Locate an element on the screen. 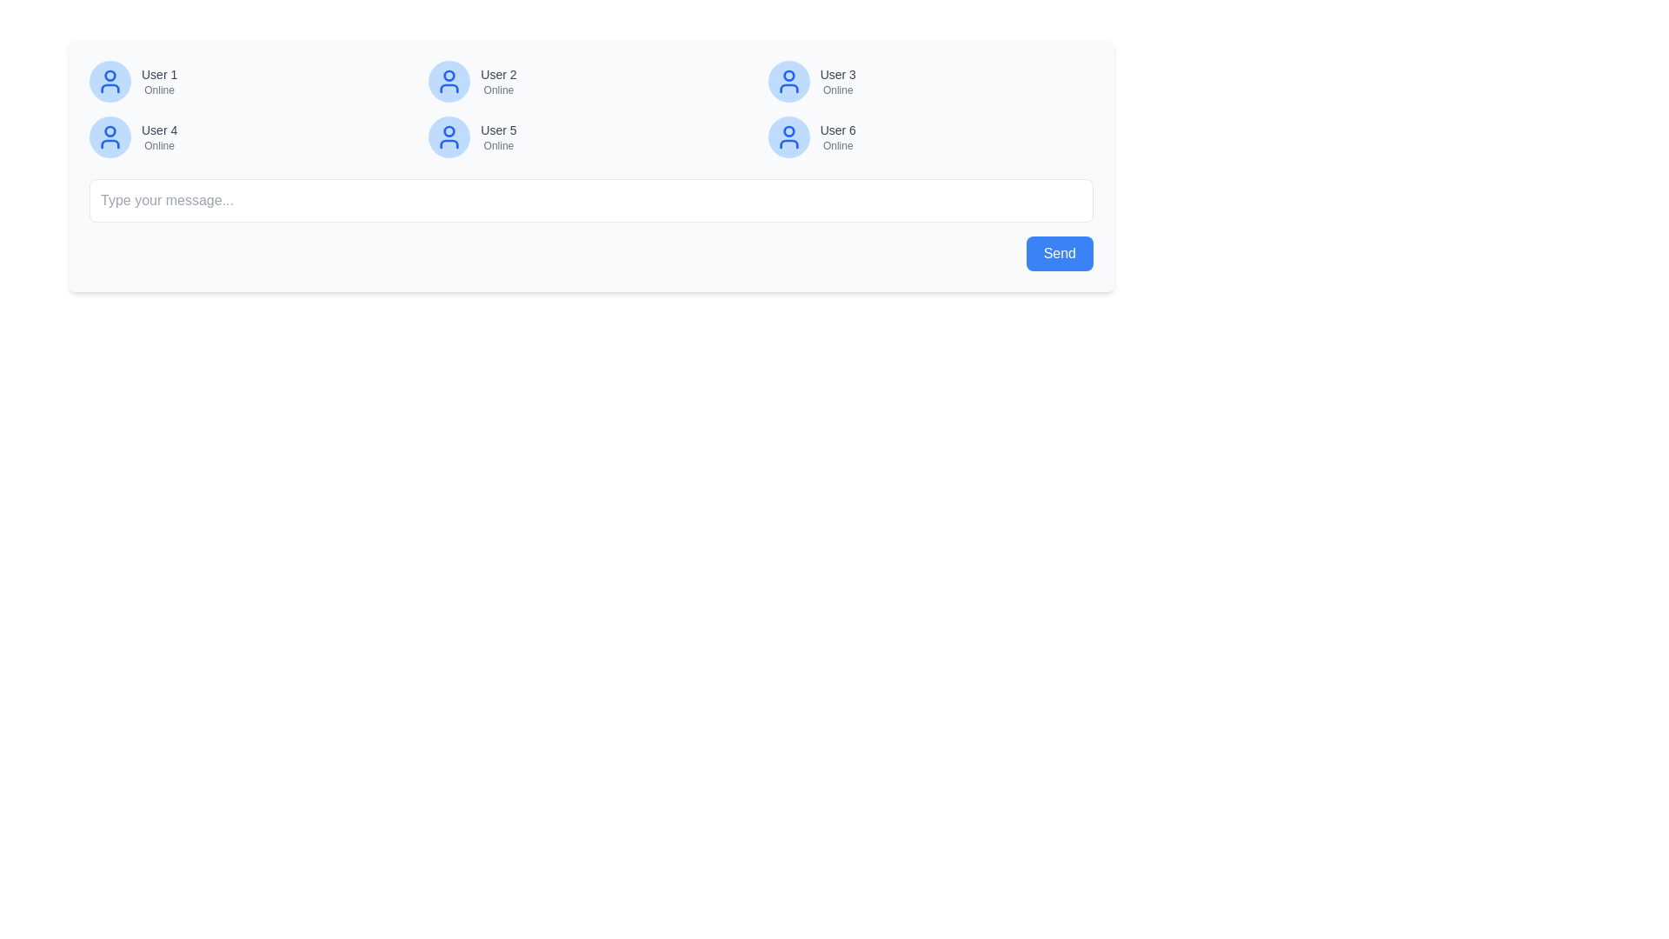 Image resolution: width=1669 pixels, height=939 pixels. the user profile icon representing 'User 6 Online', located in the second row and second column of the user list grid is located at coordinates (788, 137).